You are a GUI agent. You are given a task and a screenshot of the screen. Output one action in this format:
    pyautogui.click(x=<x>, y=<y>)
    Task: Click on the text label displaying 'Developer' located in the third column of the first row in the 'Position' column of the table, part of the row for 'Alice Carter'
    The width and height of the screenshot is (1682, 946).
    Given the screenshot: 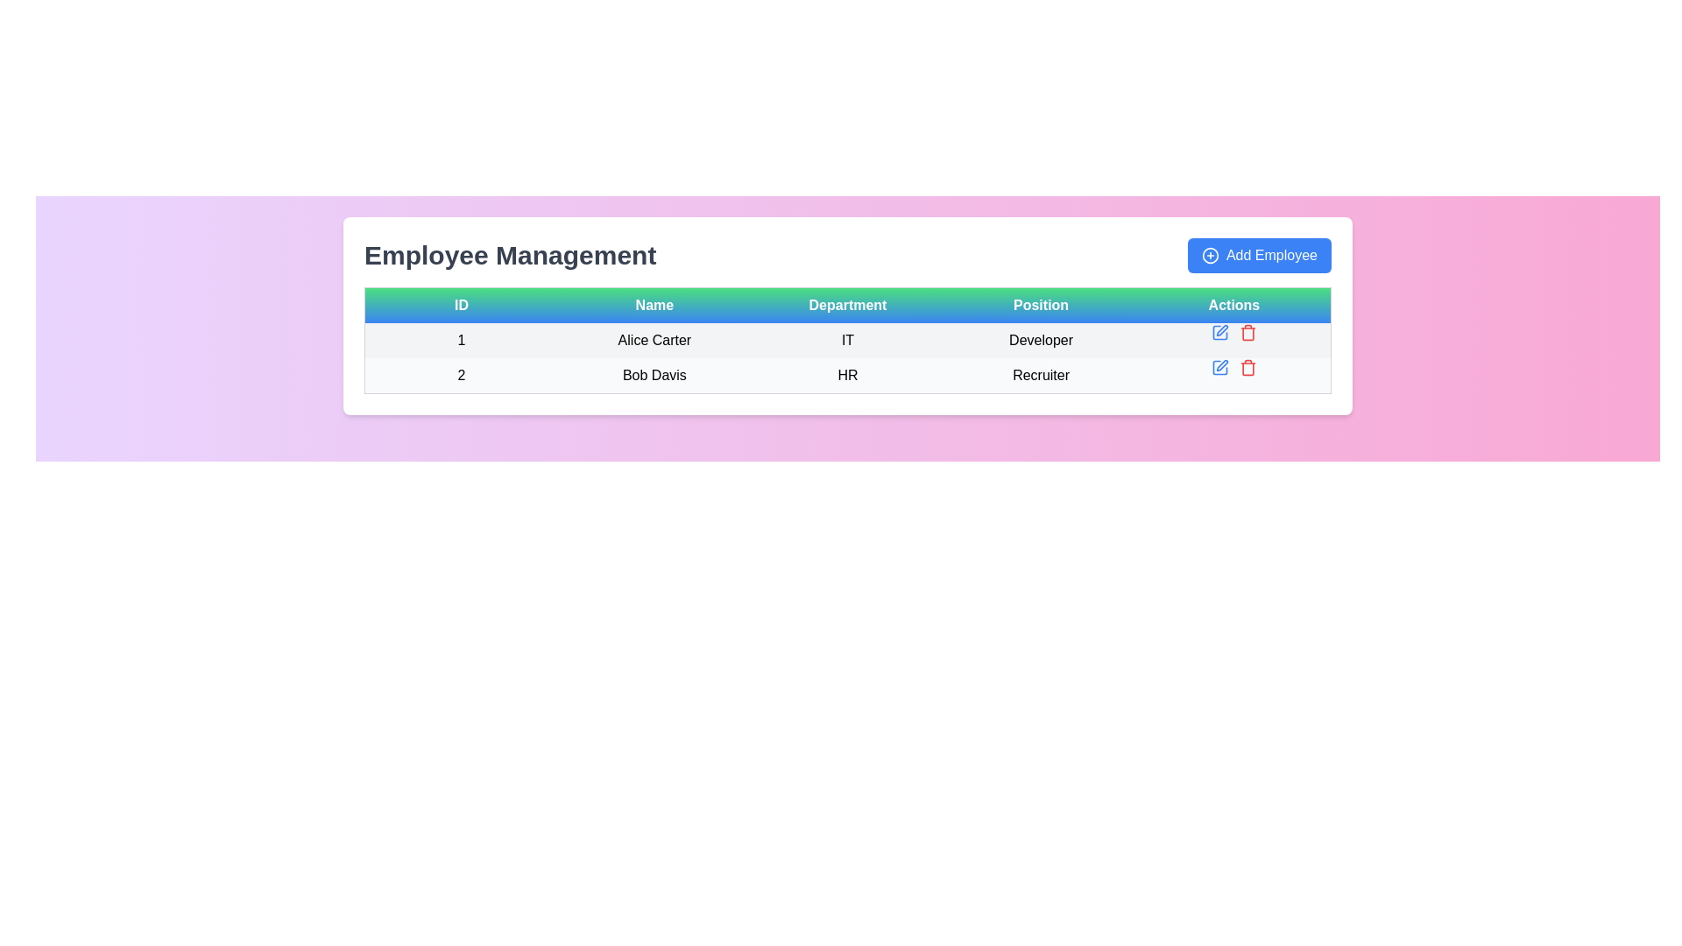 What is the action you would take?
    pyautogui.click(x=1041, y=341)
    